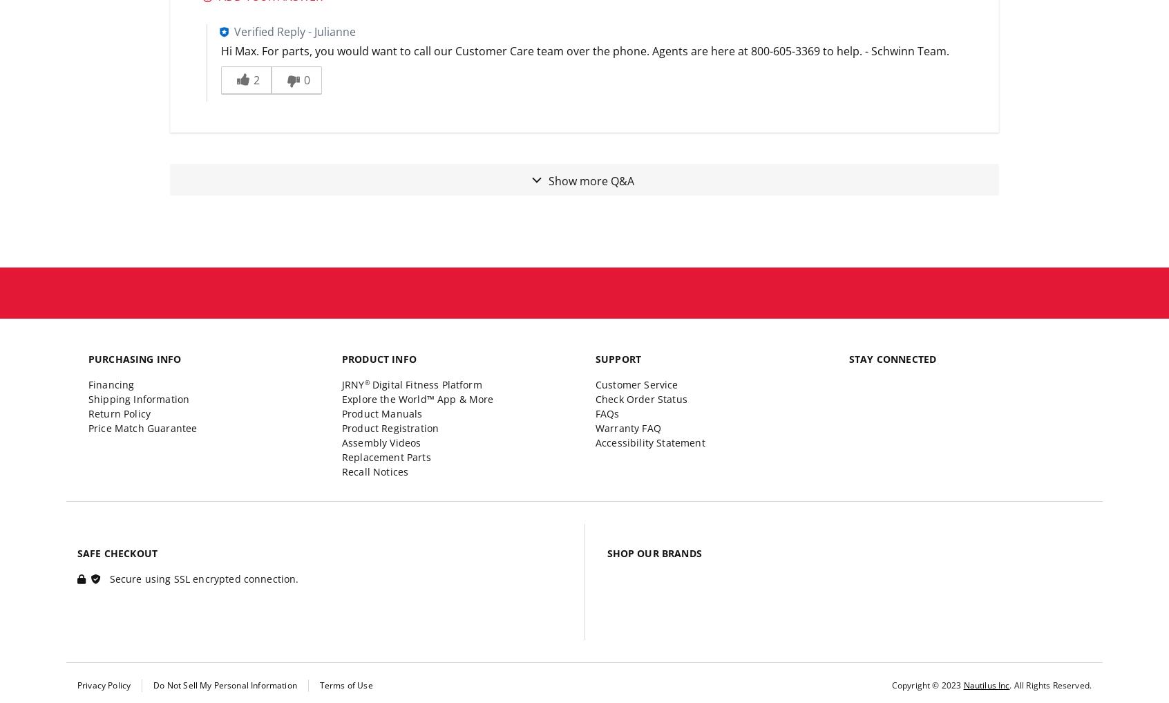 The height and width of the screenshot is (703, 1169). I want to click on 'Shipping Information', so click(138, 397).